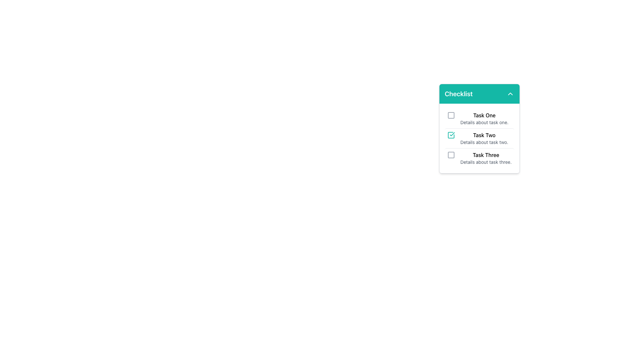 This screenshot has height=351, width=625. What do you see at coordinates (451, 155) in the screenshot?
I see `the checkbox icon located to the left of 'Task Three' in the checklist to trigger hover effects` at bounding box center [451, 155].